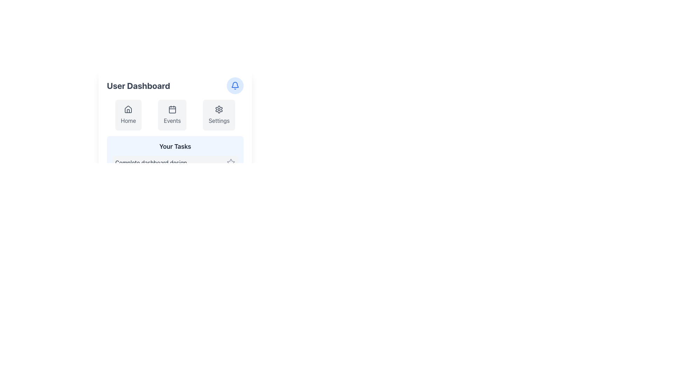 This screenshot has height=378, width=673. Describe the element at coordinates (175, 155) in the screenshot. I see `title 'Your Tasks' and the content 'Complete dashboard design' from the Informational Card element with a light blue background located in the User Dashboard` at that location.